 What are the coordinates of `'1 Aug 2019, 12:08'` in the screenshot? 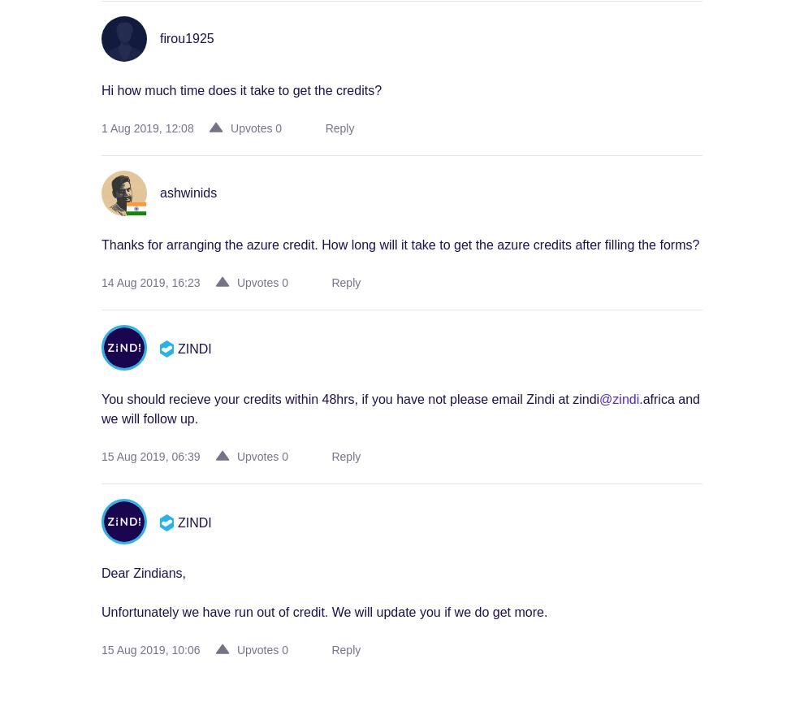 It's located at (147, 128).